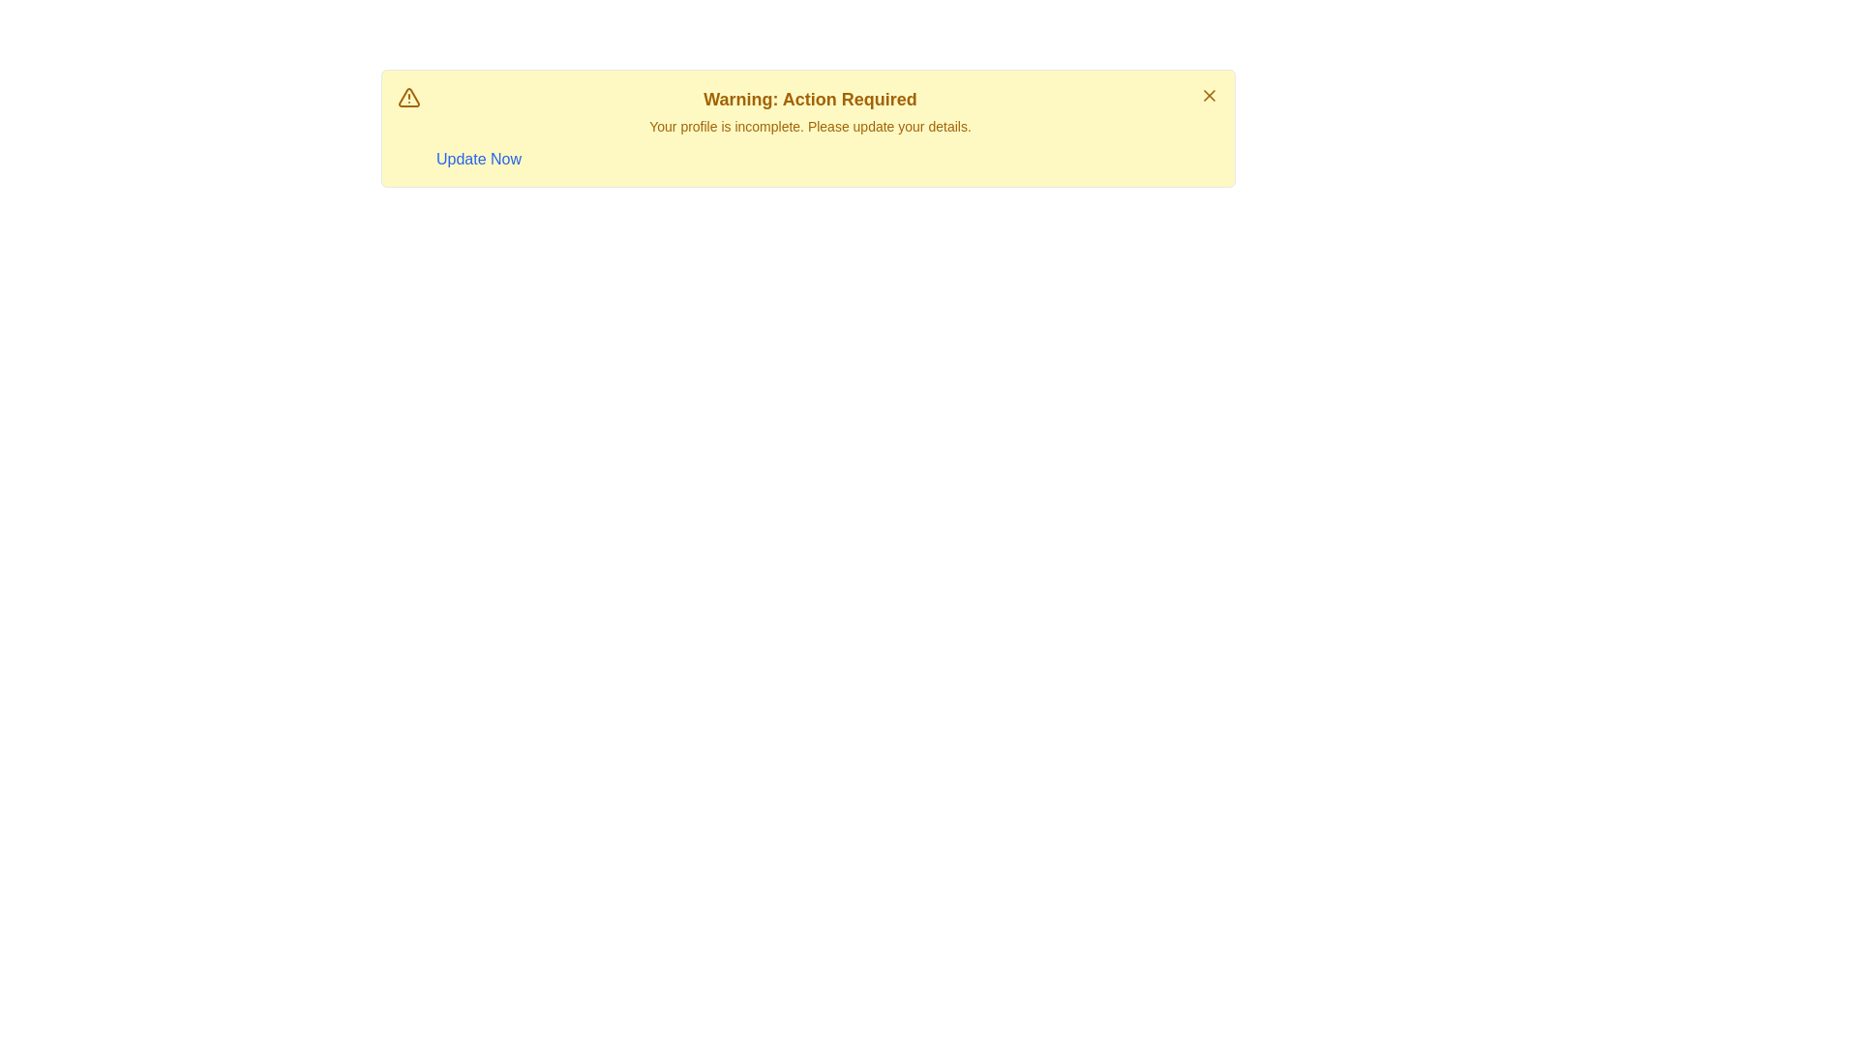 Image resolution: width=1858 pixels, height=1045 pixels. Describe the element at coordinates (808, 128) in the screenshot. I see `the Notification banner that warns the user to update their profile details, which is centrally located in the upper section of the interface` at that location.